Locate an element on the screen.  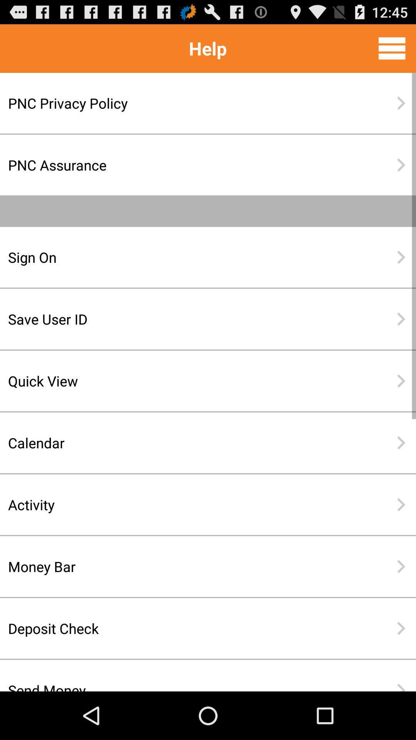
the item below the save user id is located at coordinates (183, 381).